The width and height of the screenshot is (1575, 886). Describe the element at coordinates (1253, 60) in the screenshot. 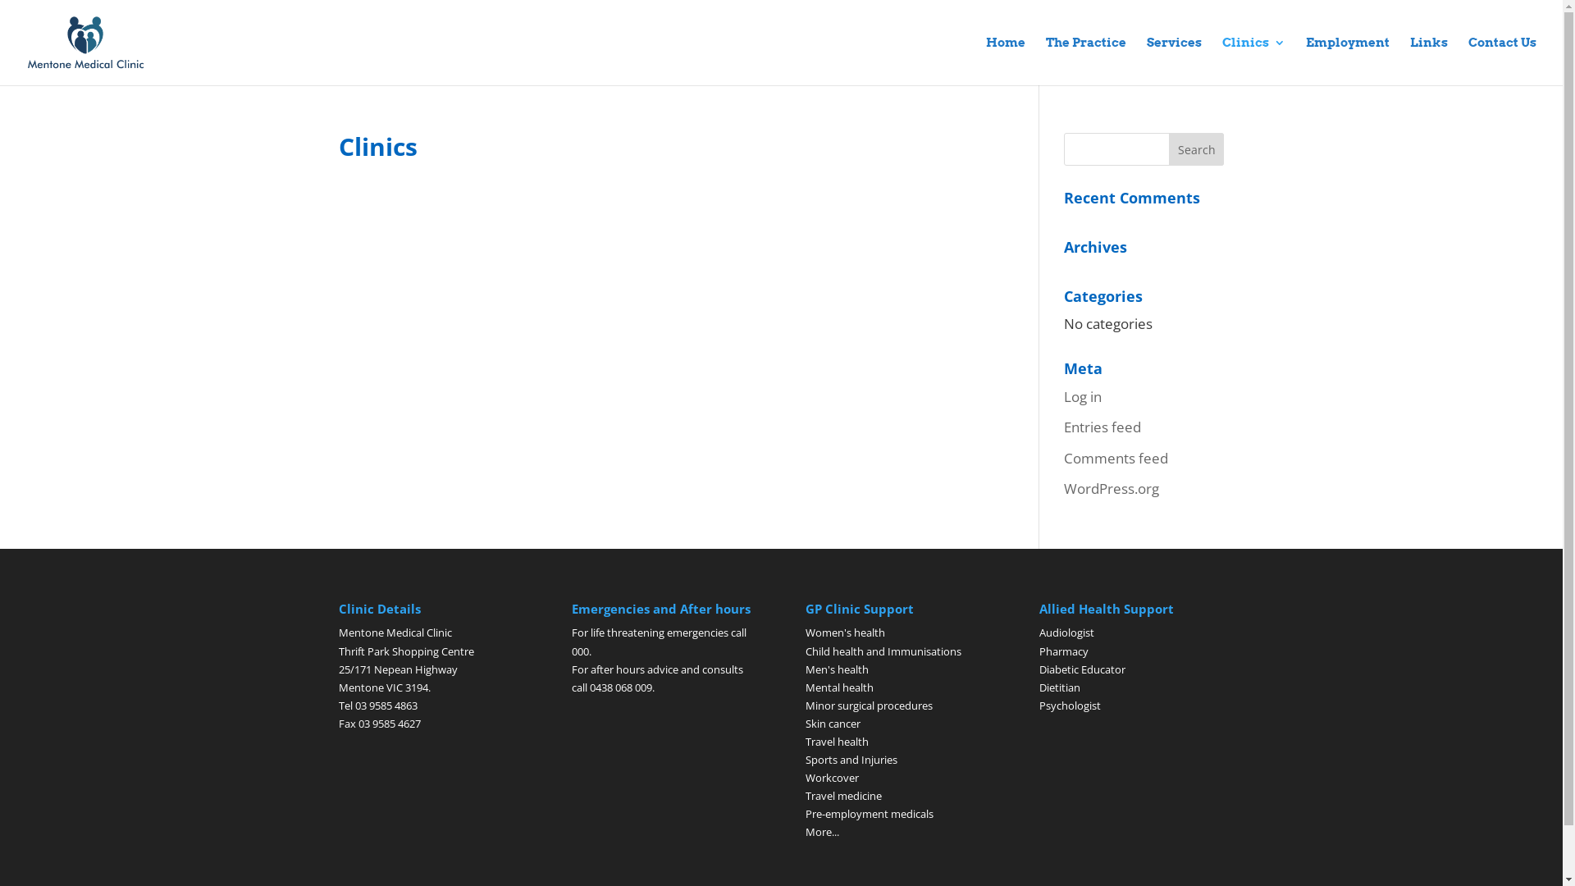

I see `'Clinics'` at that location.